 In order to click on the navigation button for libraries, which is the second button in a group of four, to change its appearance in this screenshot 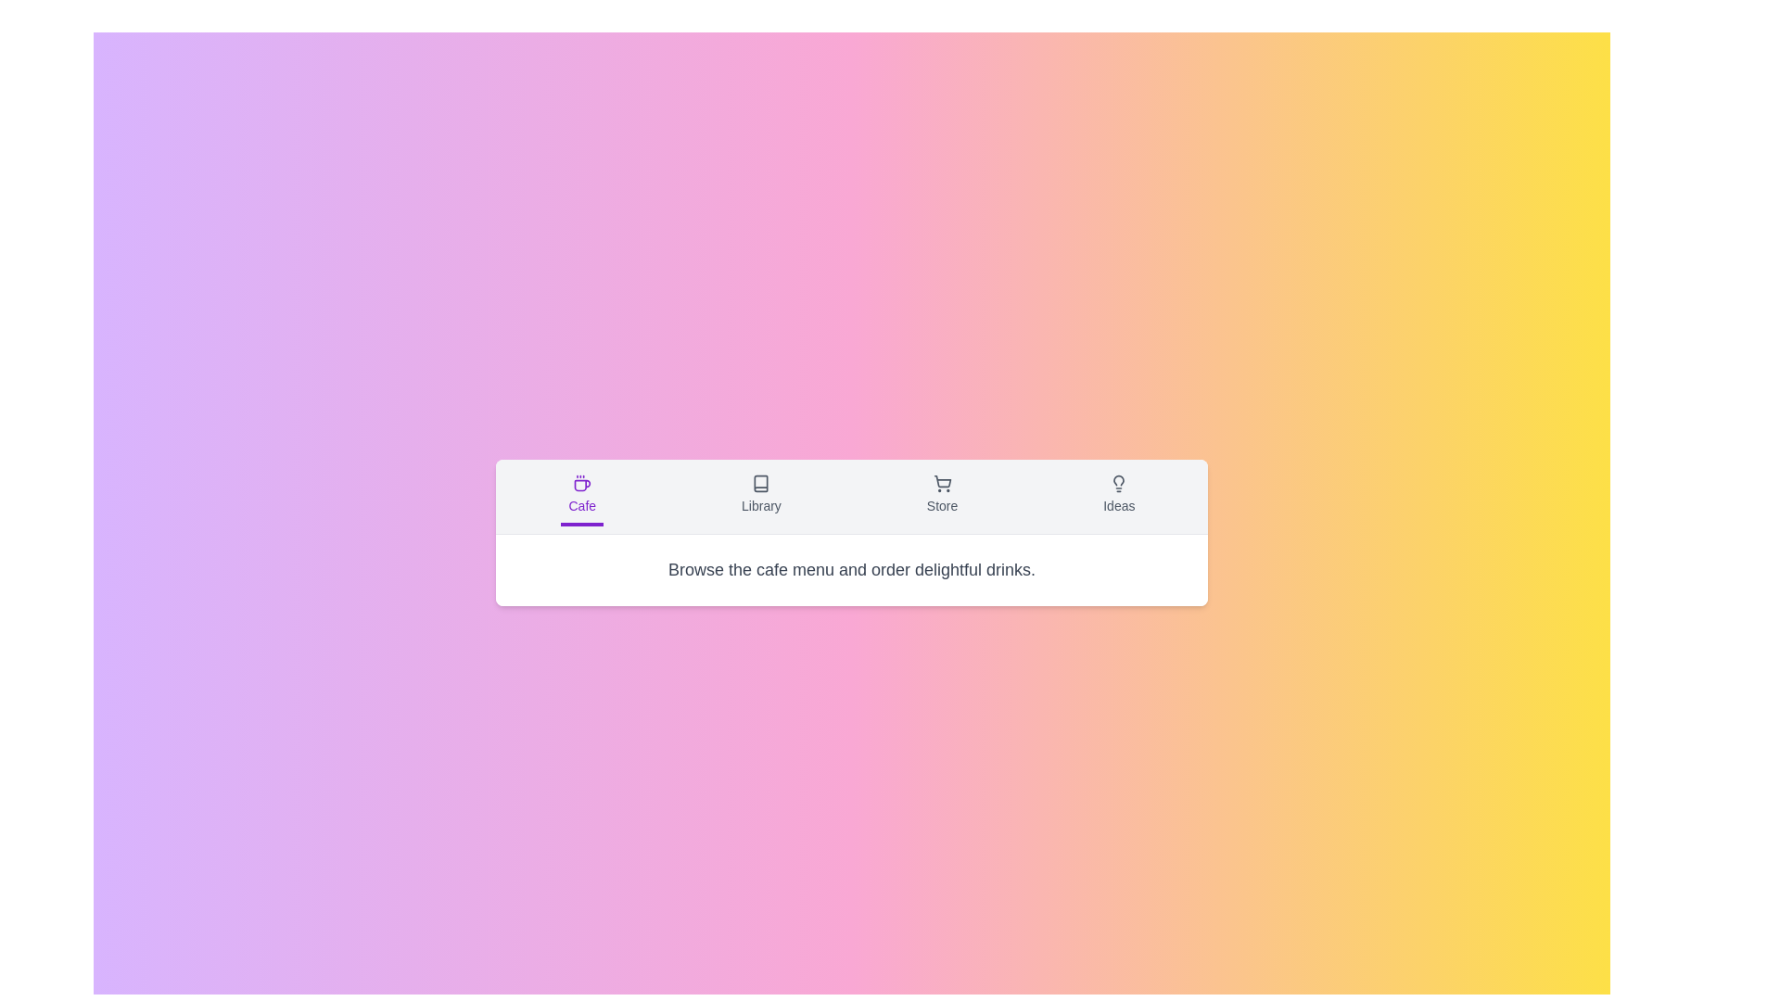, I will do `click(761, 495)`.